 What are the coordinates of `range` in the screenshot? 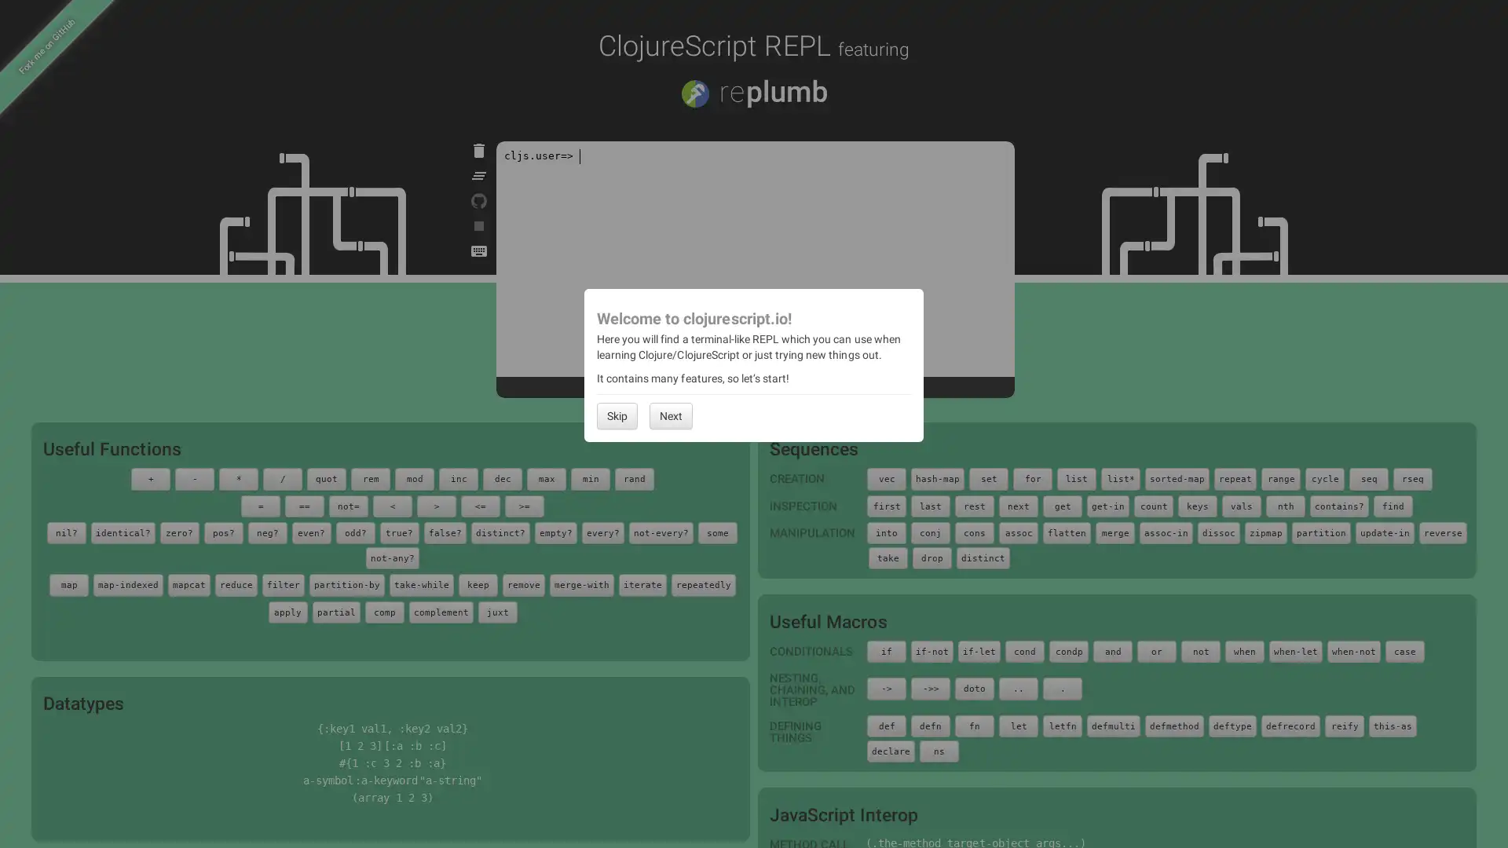 It's located at (1281, 477).